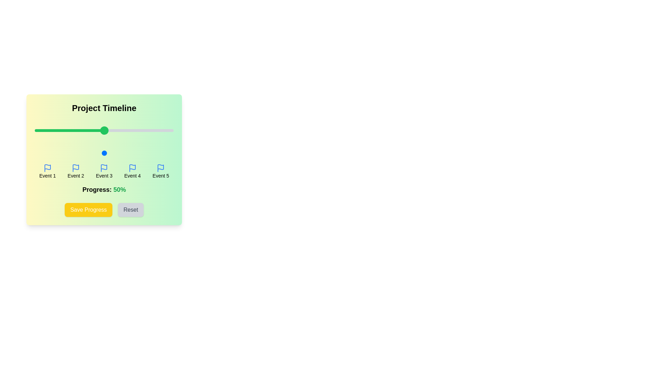  What do you see at coordinates (47, 168) in the screenshot?
I see `the flag icon for Event 1` at bounding box center [47, 168].